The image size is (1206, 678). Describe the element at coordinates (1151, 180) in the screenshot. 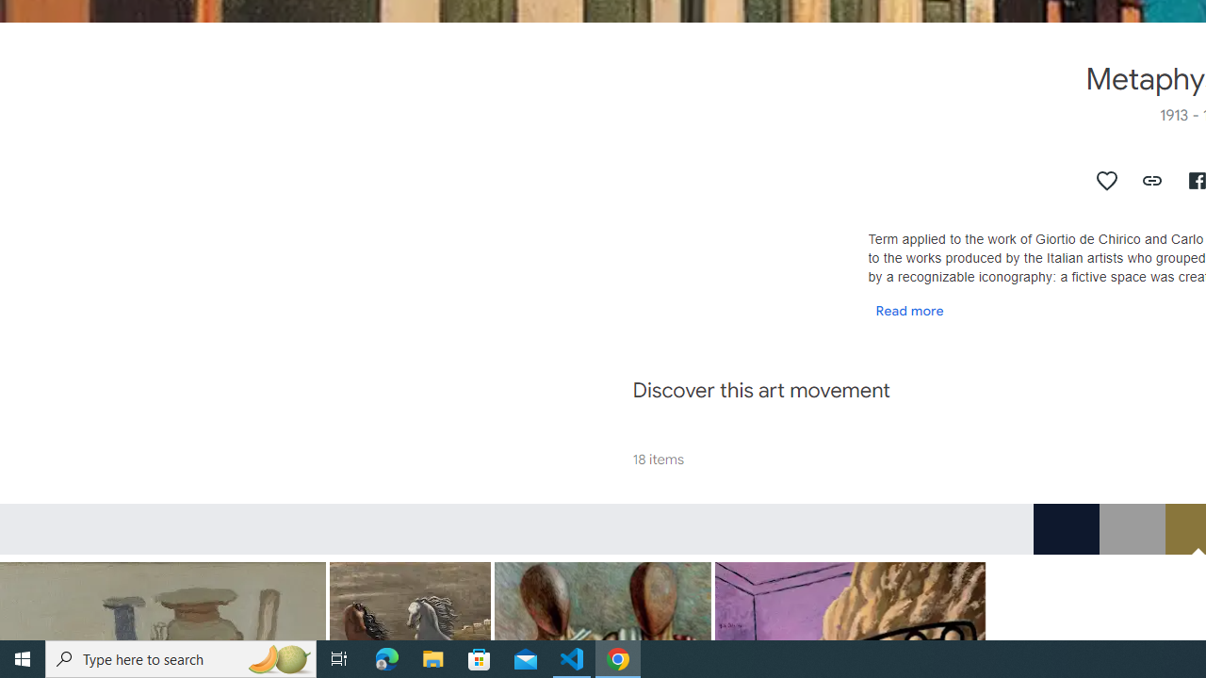

I see `'Copy Link'` at that location.